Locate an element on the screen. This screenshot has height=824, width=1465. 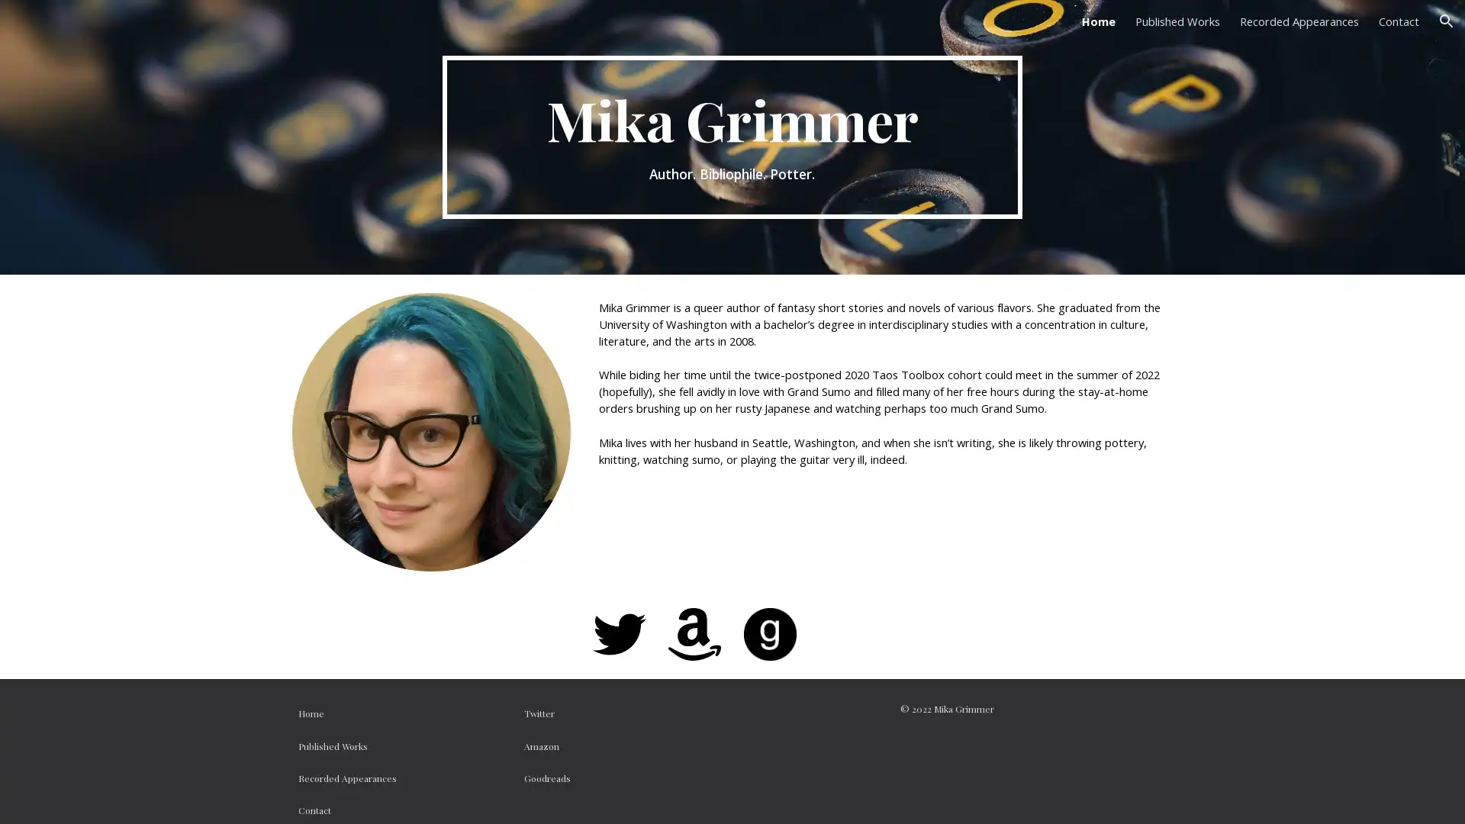
Google Sites is located at coordinates (73, 797).